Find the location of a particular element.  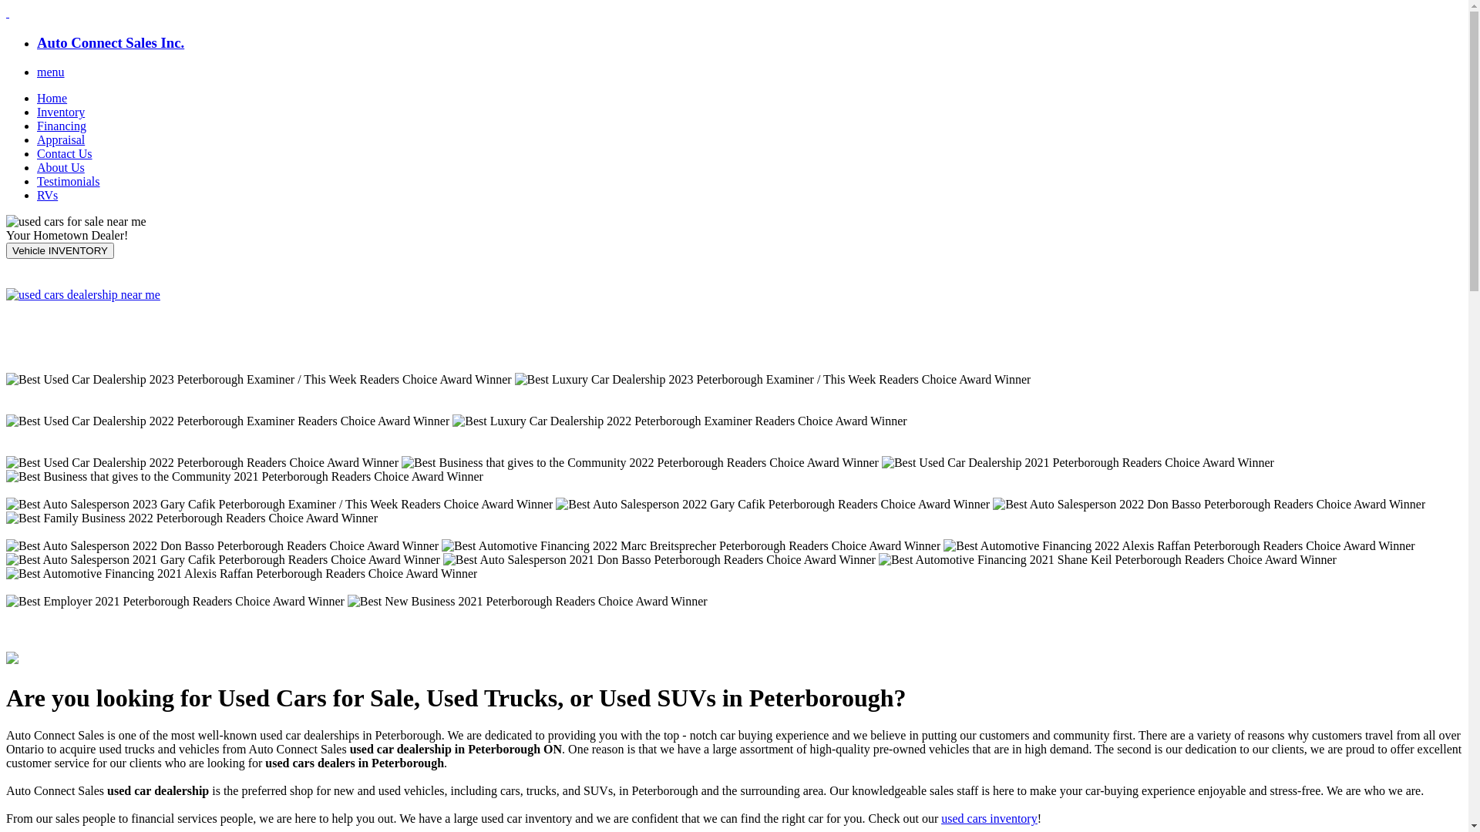

'Testimonials' is located at coordinates (68, 180).